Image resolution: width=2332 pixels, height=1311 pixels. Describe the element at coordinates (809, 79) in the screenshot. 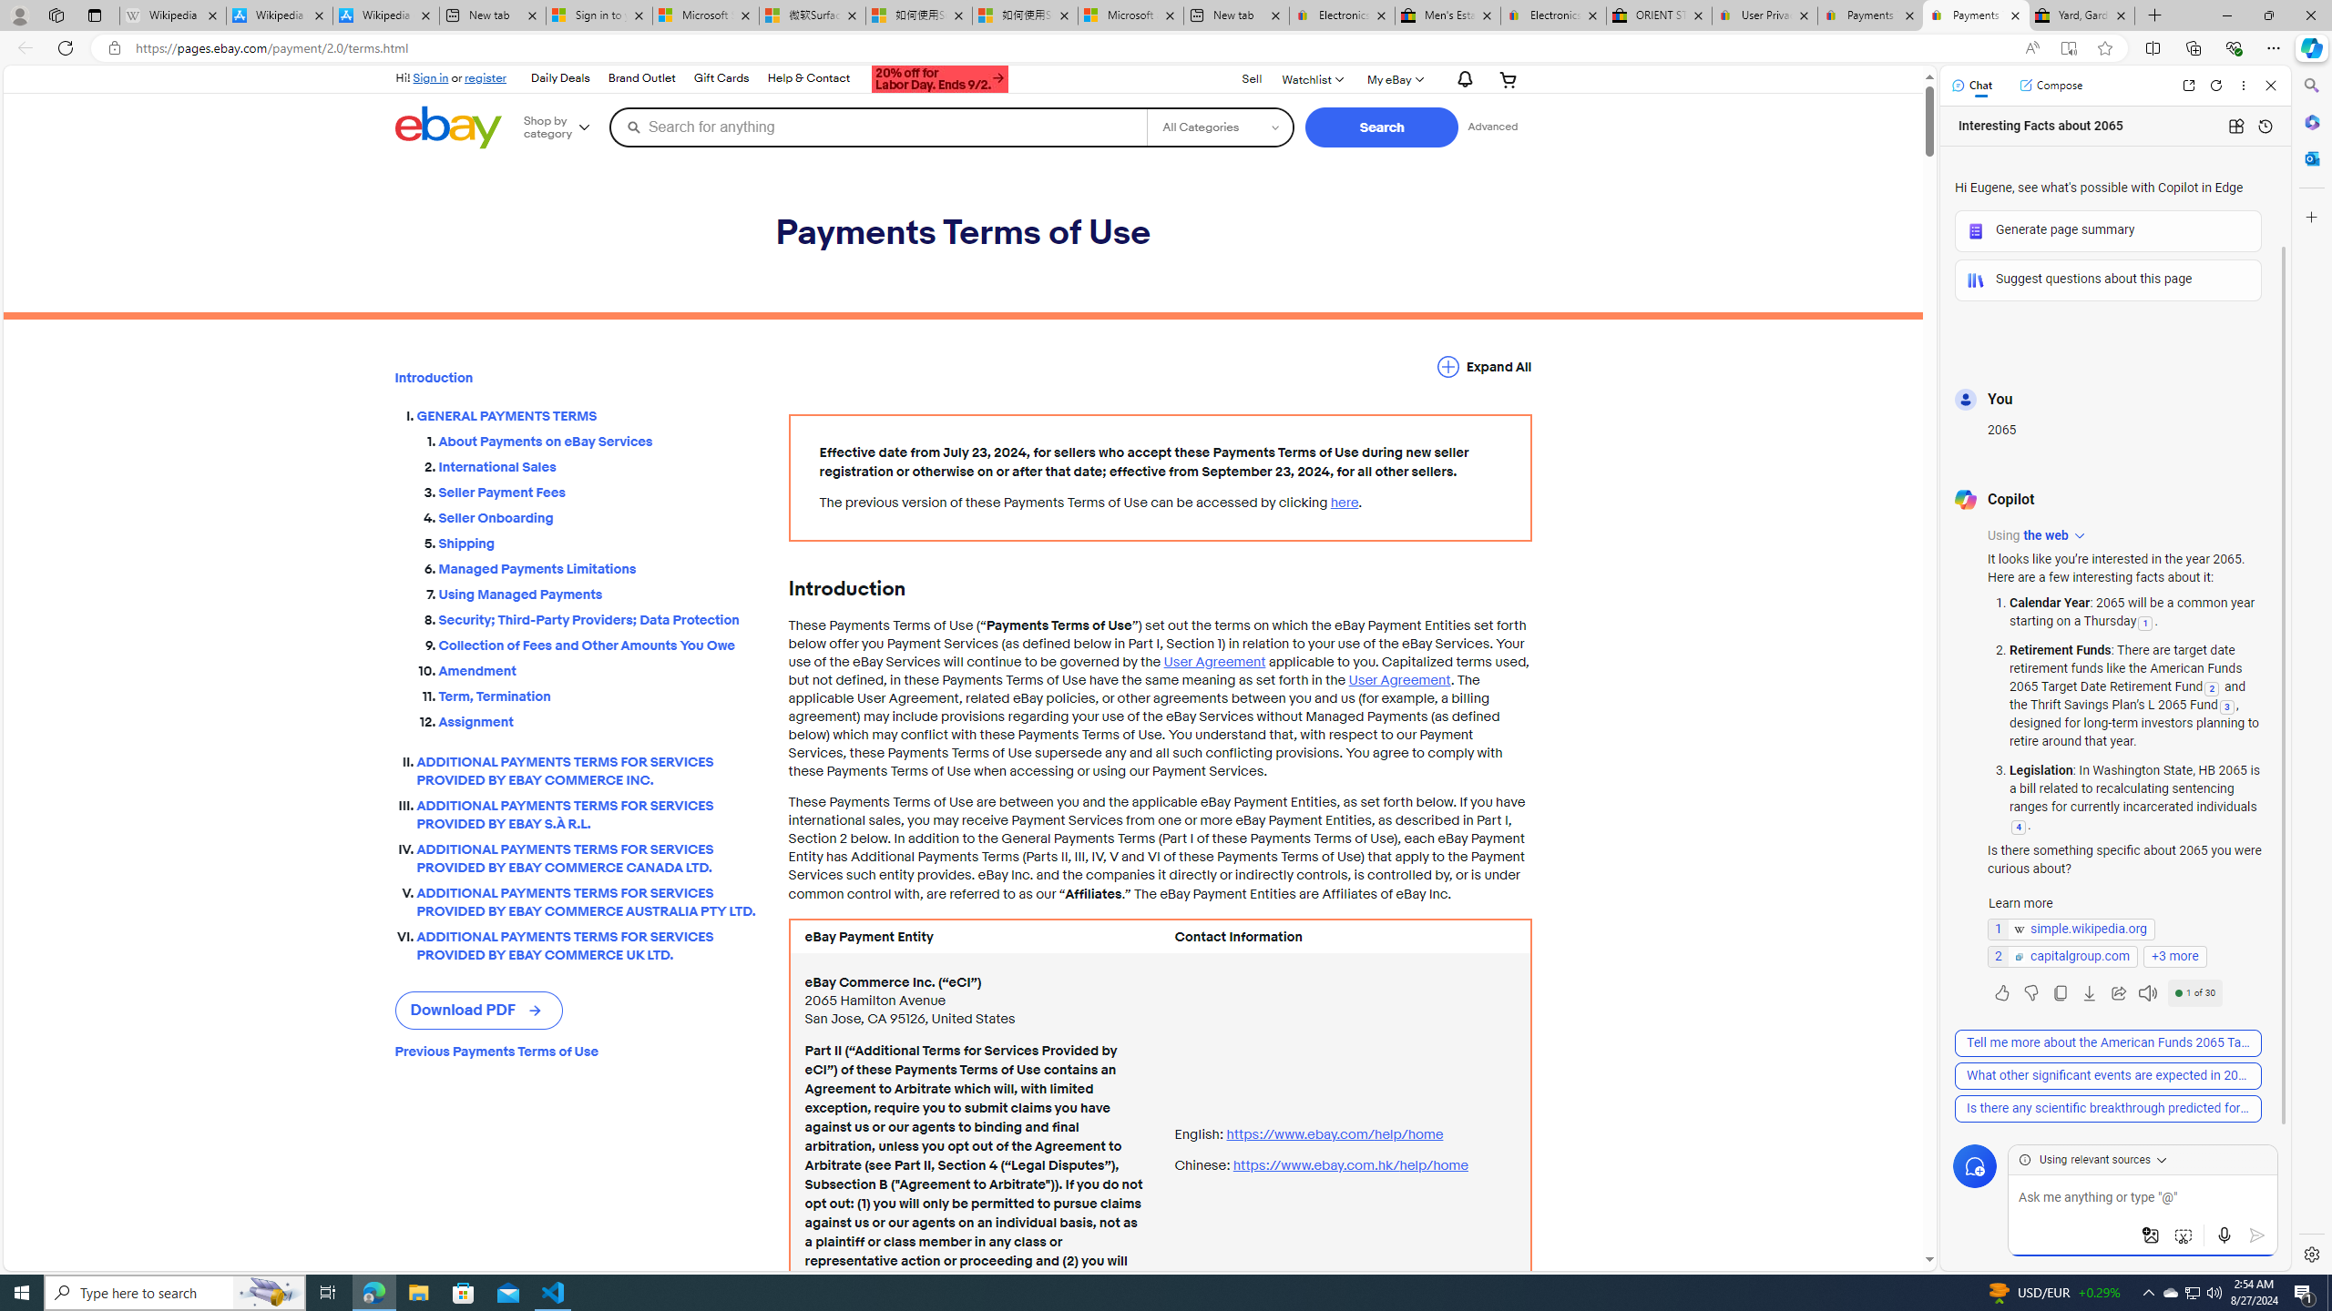

I see `'Help & Contact'` at that location.